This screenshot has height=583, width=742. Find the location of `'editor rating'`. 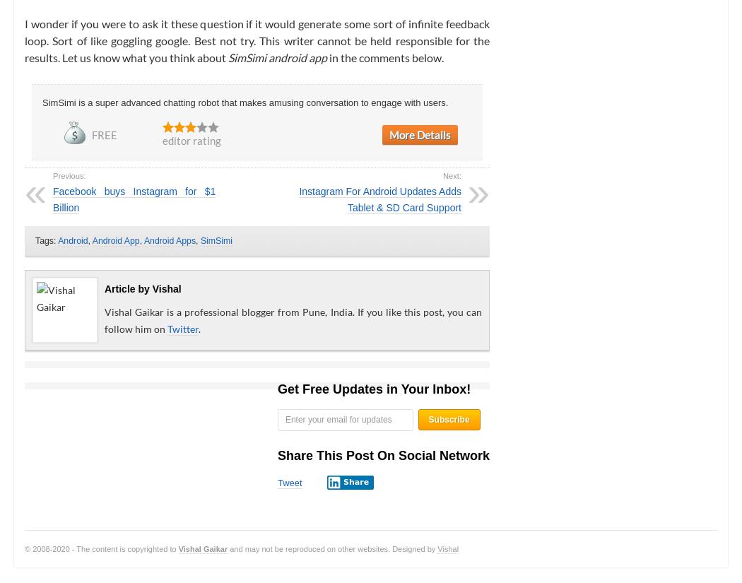

'editor rating' is located at coordinates (191, 139).